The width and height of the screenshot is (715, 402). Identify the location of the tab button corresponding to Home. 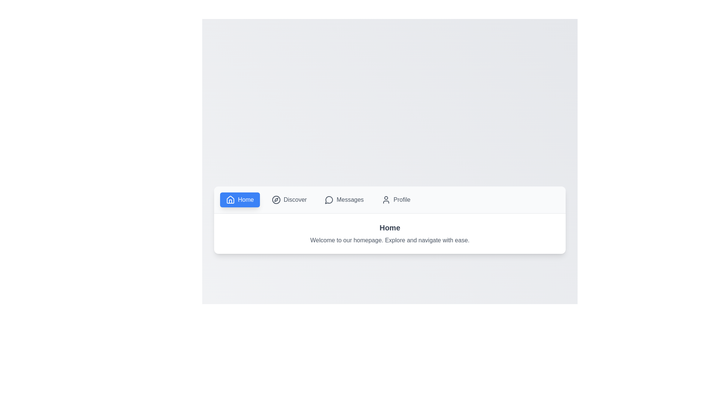
(239, 199).